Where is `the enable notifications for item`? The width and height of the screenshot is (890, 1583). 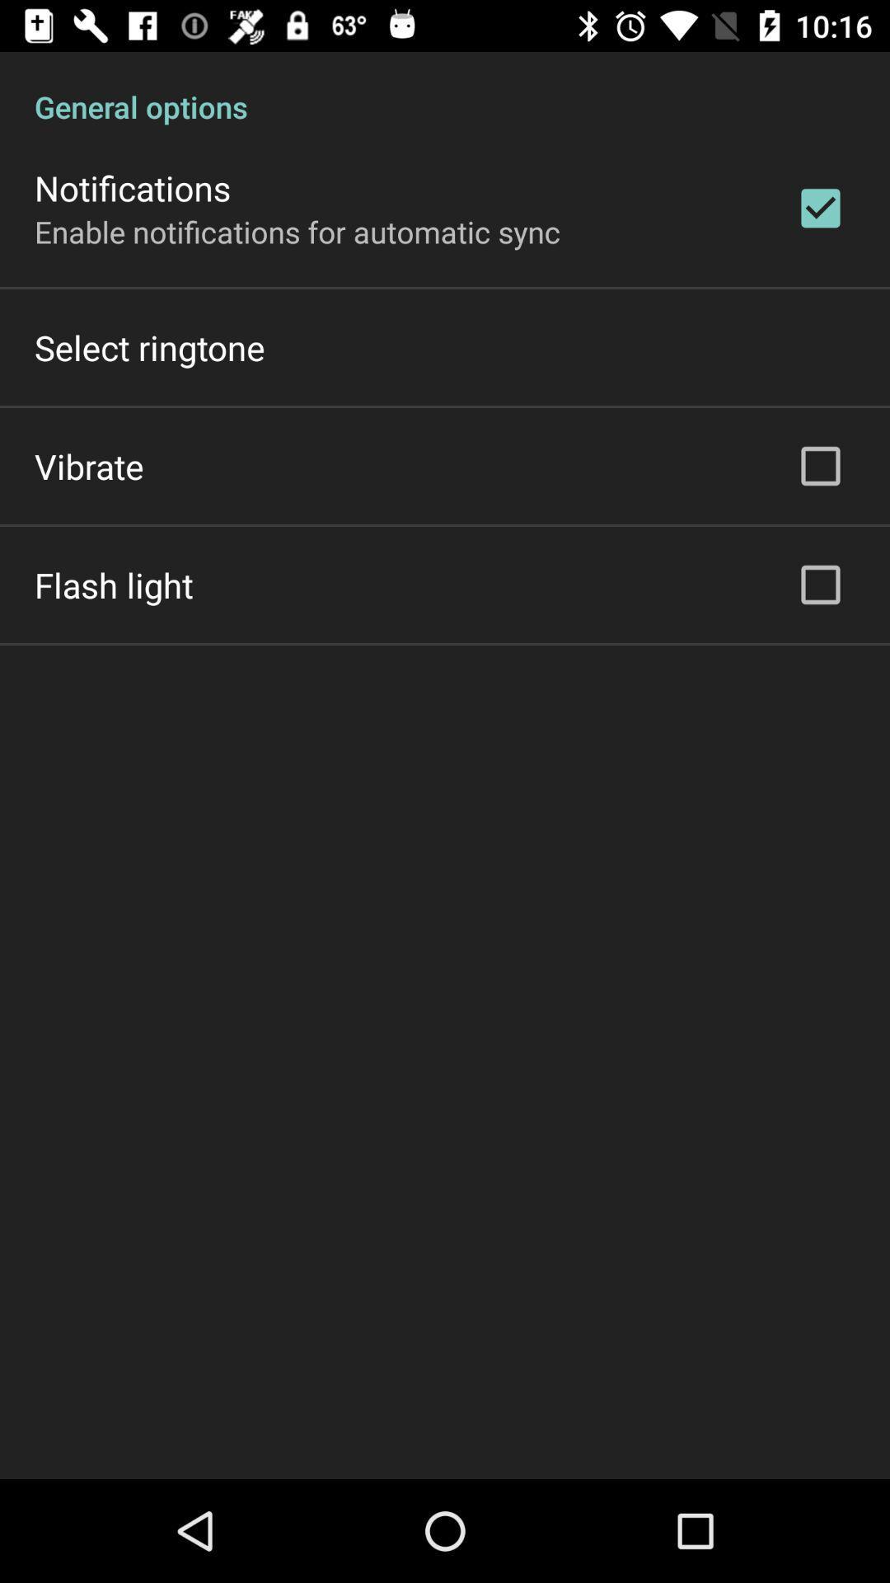
the enable notifications for item is located at coordinates (297, 231).